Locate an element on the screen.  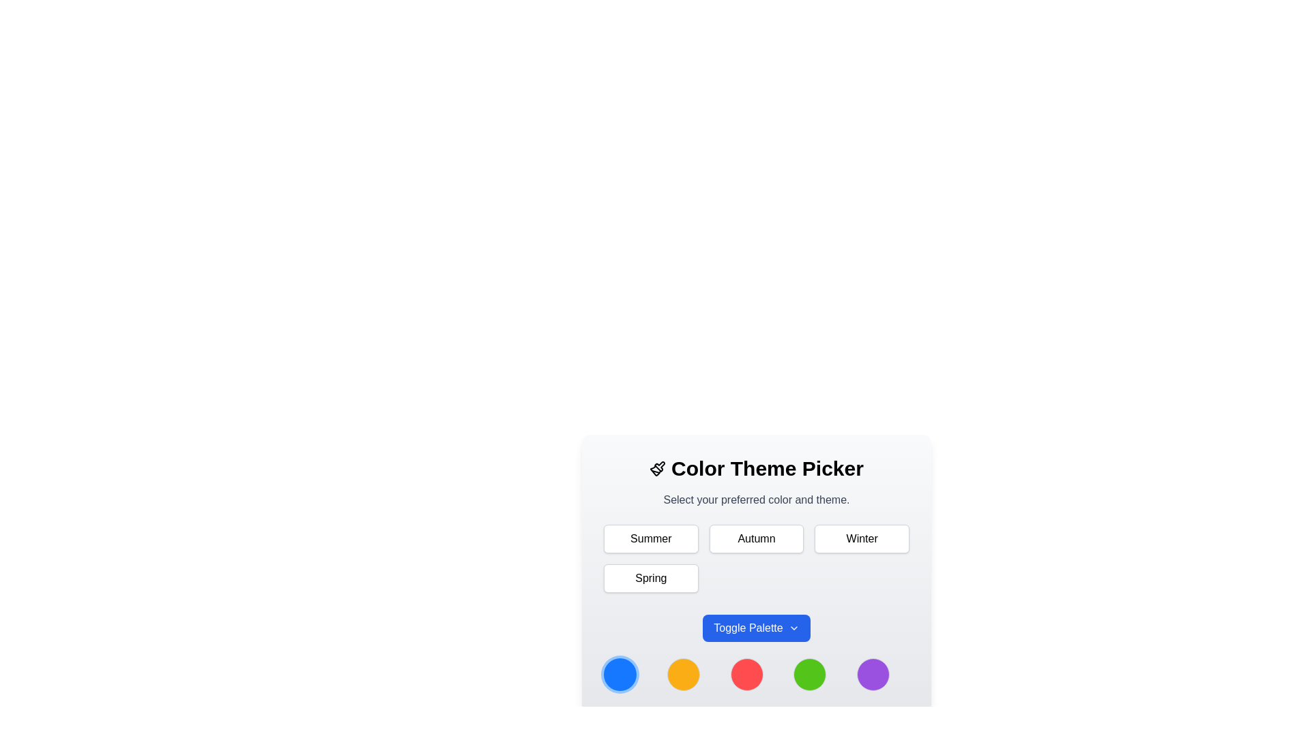
the bright red circular button in the 'Color Theme Picker' card is located at coordinates (755, 675).